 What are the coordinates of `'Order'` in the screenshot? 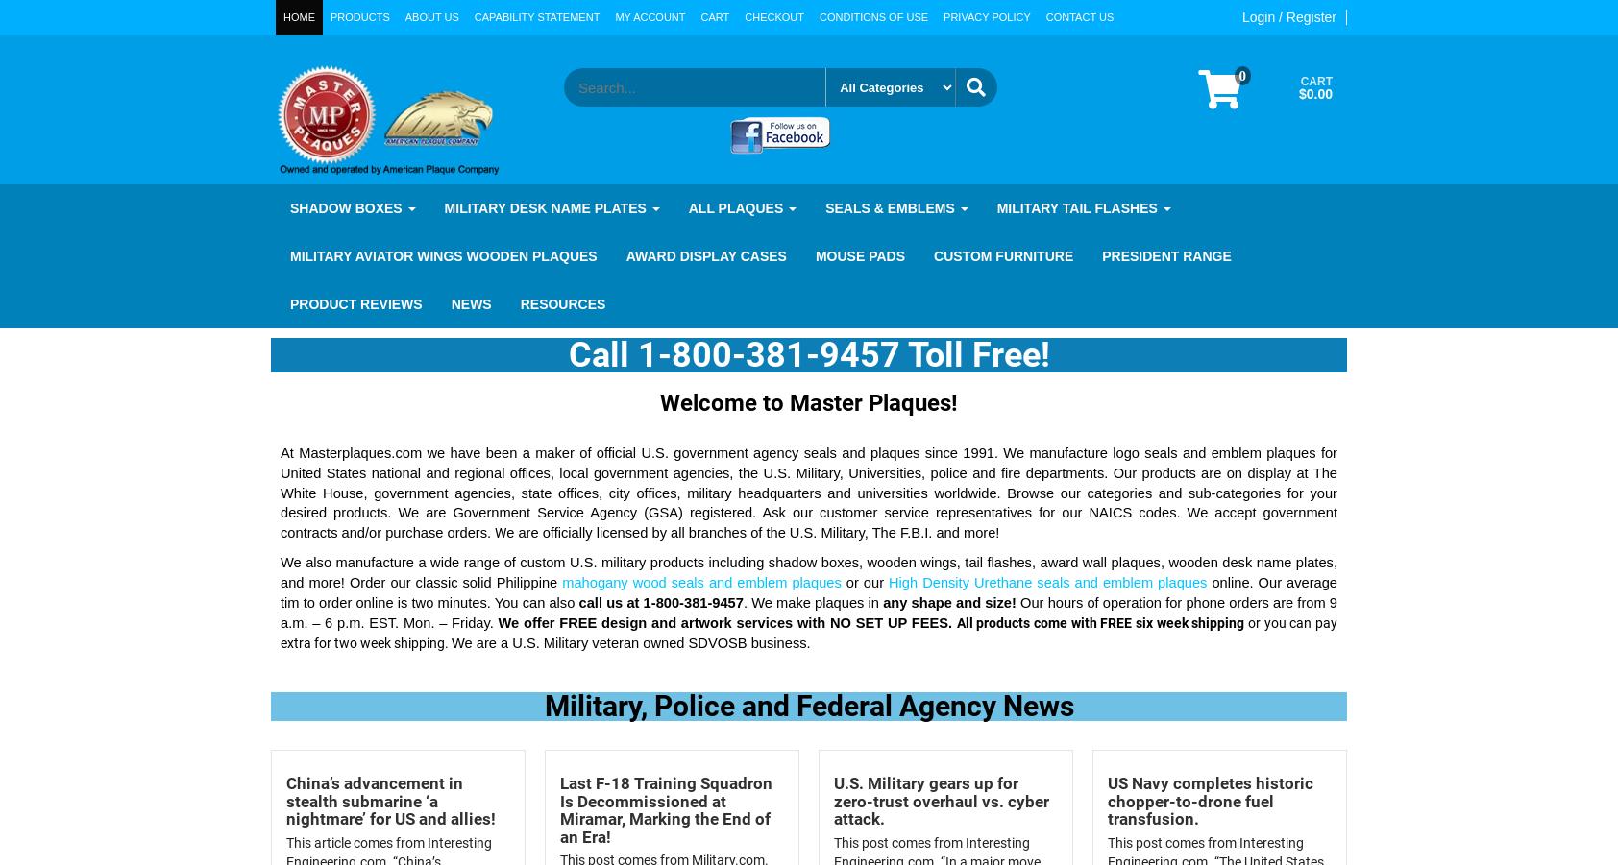 It's located at (349, 582).